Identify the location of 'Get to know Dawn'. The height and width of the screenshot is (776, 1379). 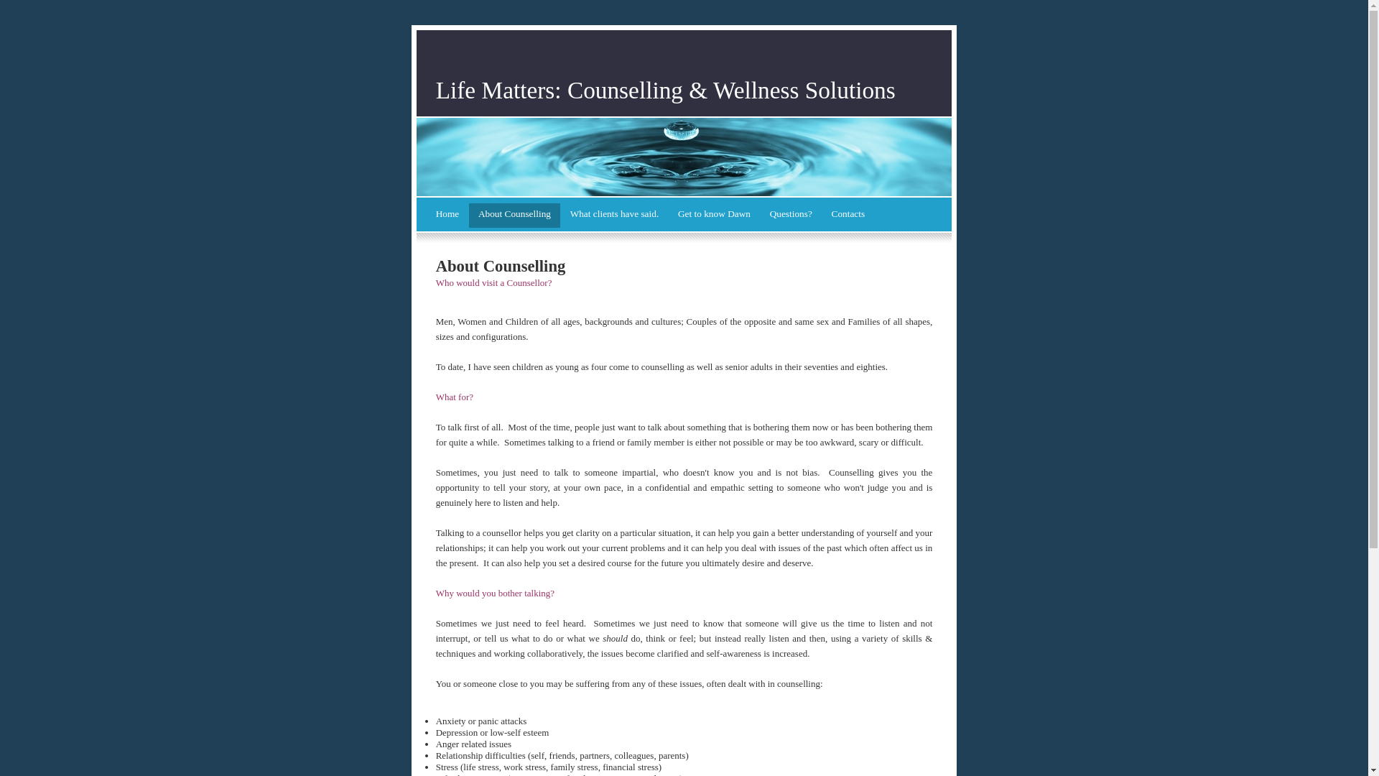
(714, 216).